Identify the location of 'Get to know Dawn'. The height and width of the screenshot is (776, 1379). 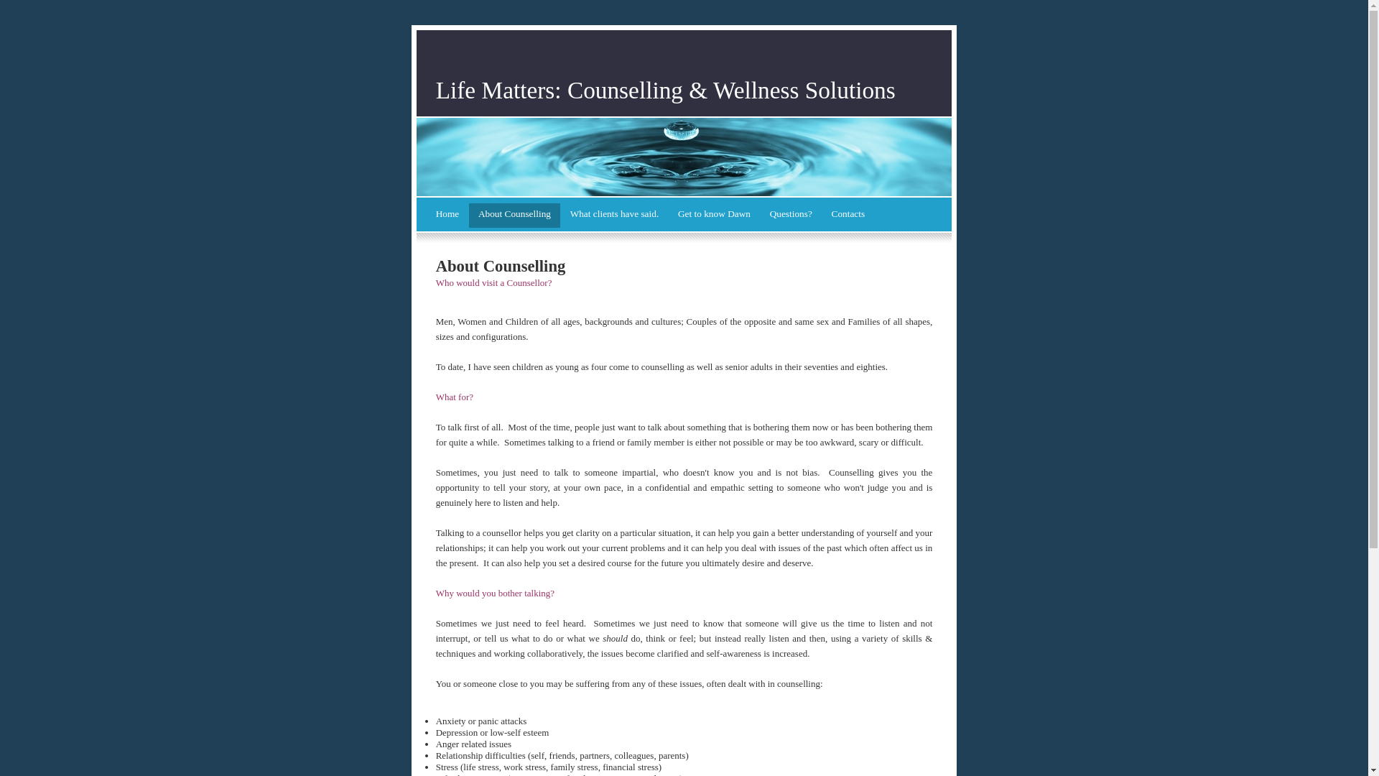
(714, 216).